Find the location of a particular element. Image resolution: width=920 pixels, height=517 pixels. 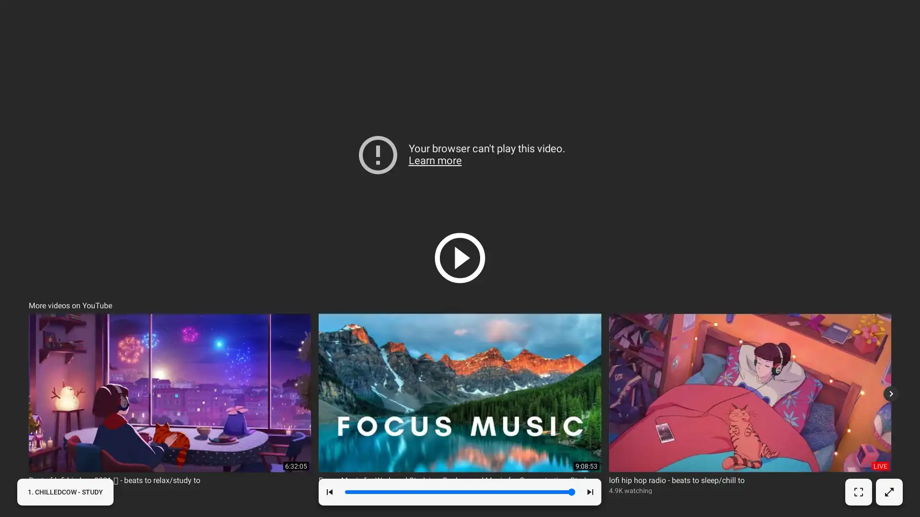

skip_previous is located at coordinates (329, 492).